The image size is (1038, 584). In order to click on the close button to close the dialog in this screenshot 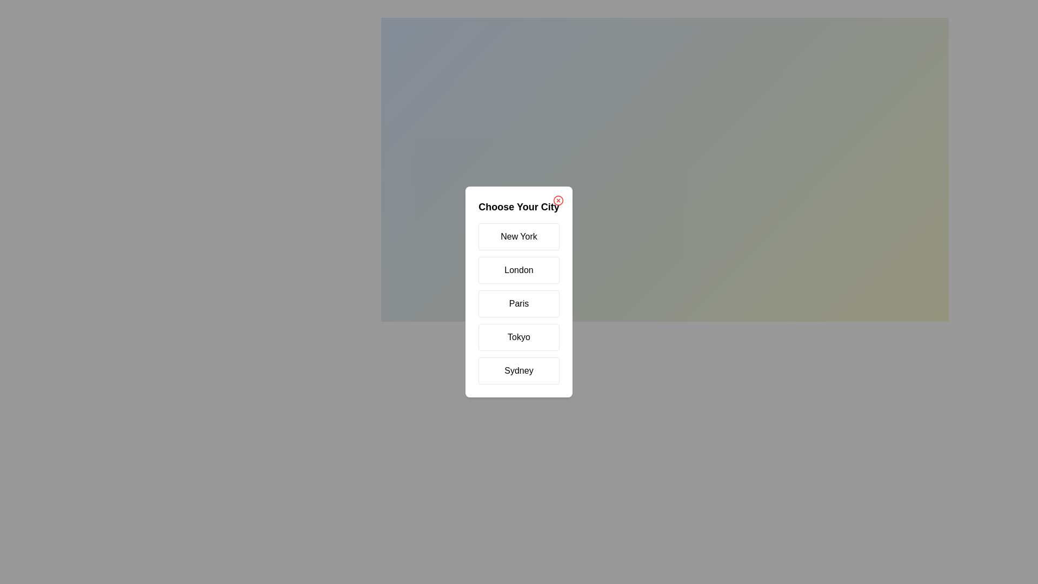, I will do `click(558, 200)`.